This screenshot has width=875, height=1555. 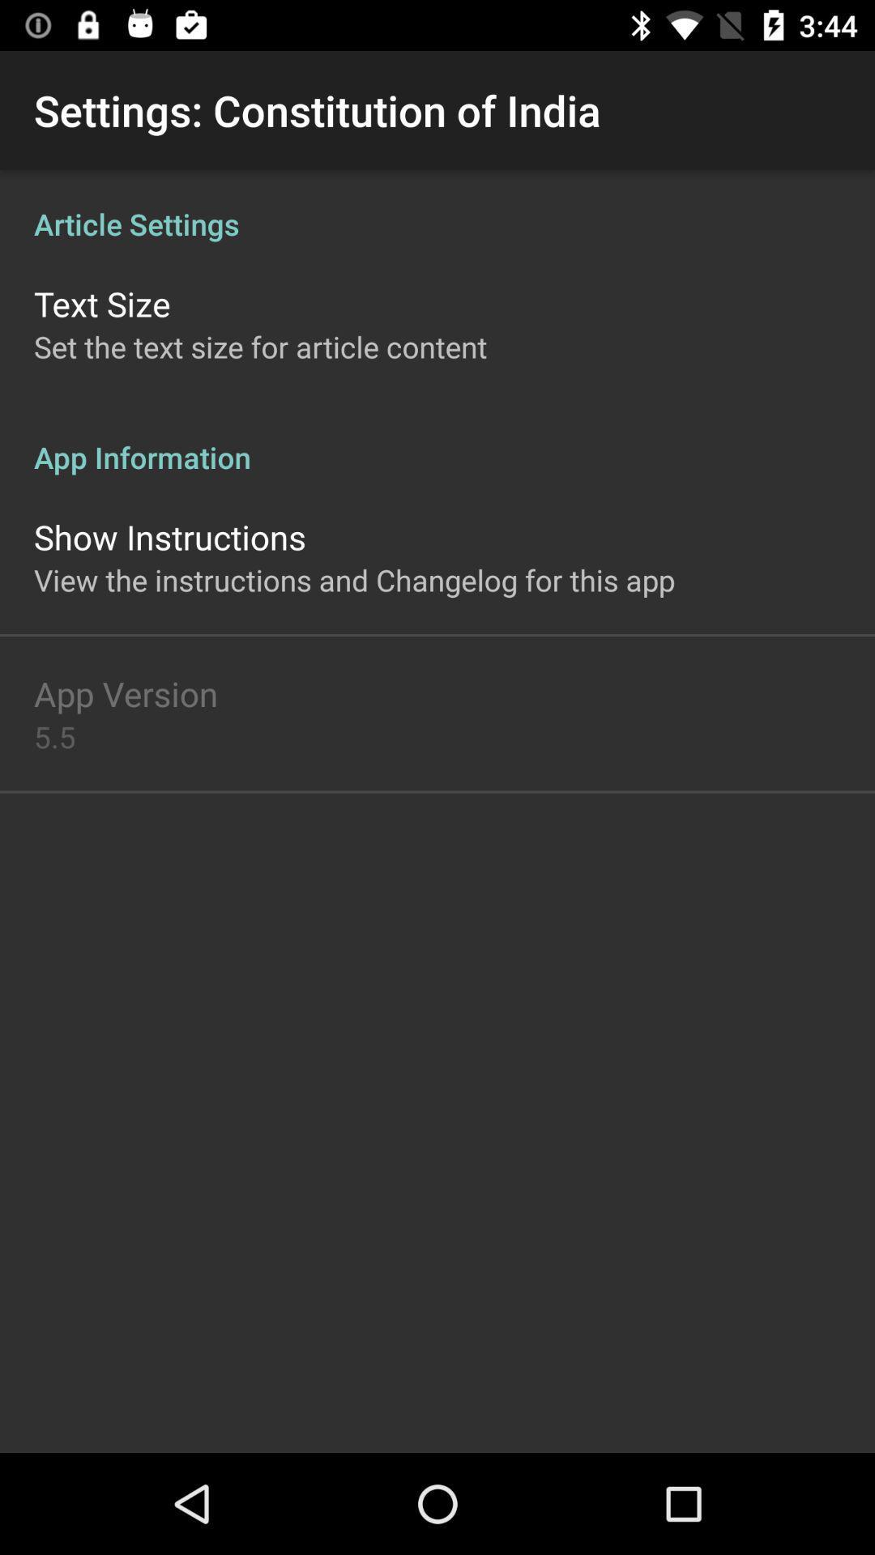 What do you see at coordinates (53, 735) in the screenshot?
I see `the icon below the app version item` at bounding box center [53, 735].